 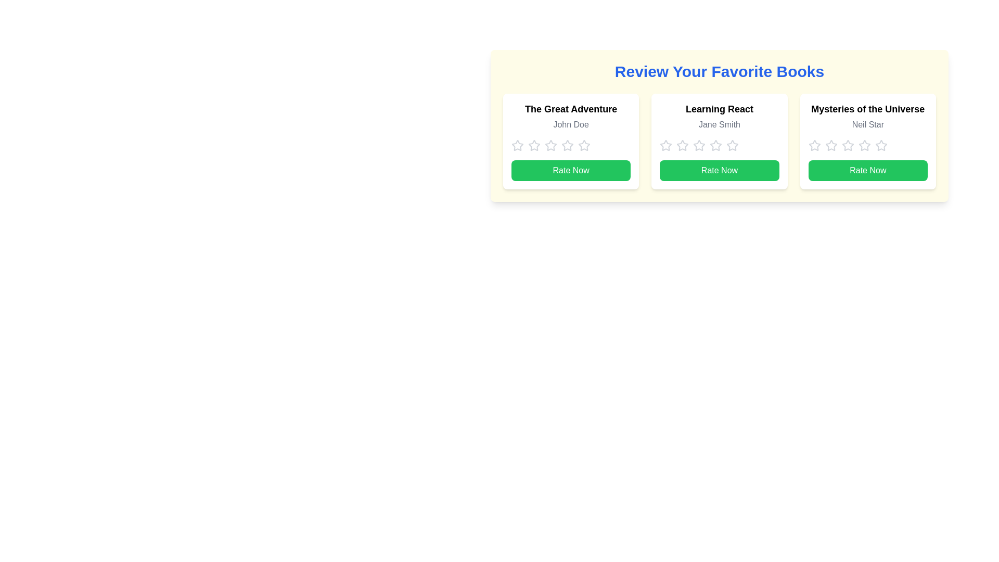 I want to click on the first star of the rating system for the book 'Mysteries of the Universe' to rate it, so click(x=830, y=145).